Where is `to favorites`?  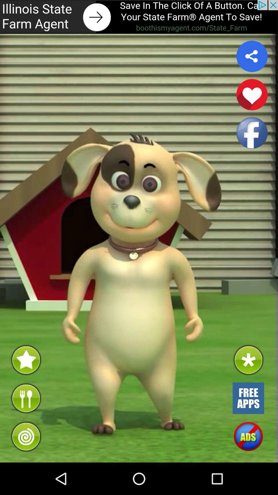 to favorites is located at coordinates (252, 95).